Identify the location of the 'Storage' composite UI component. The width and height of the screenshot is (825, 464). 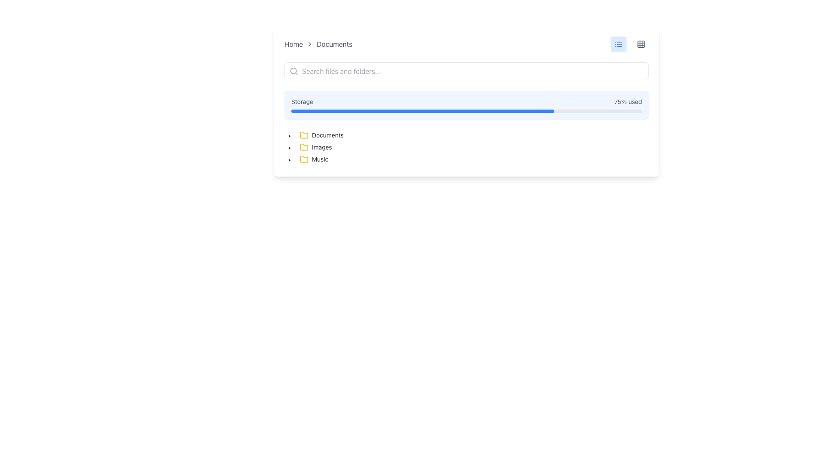
(466, 105).